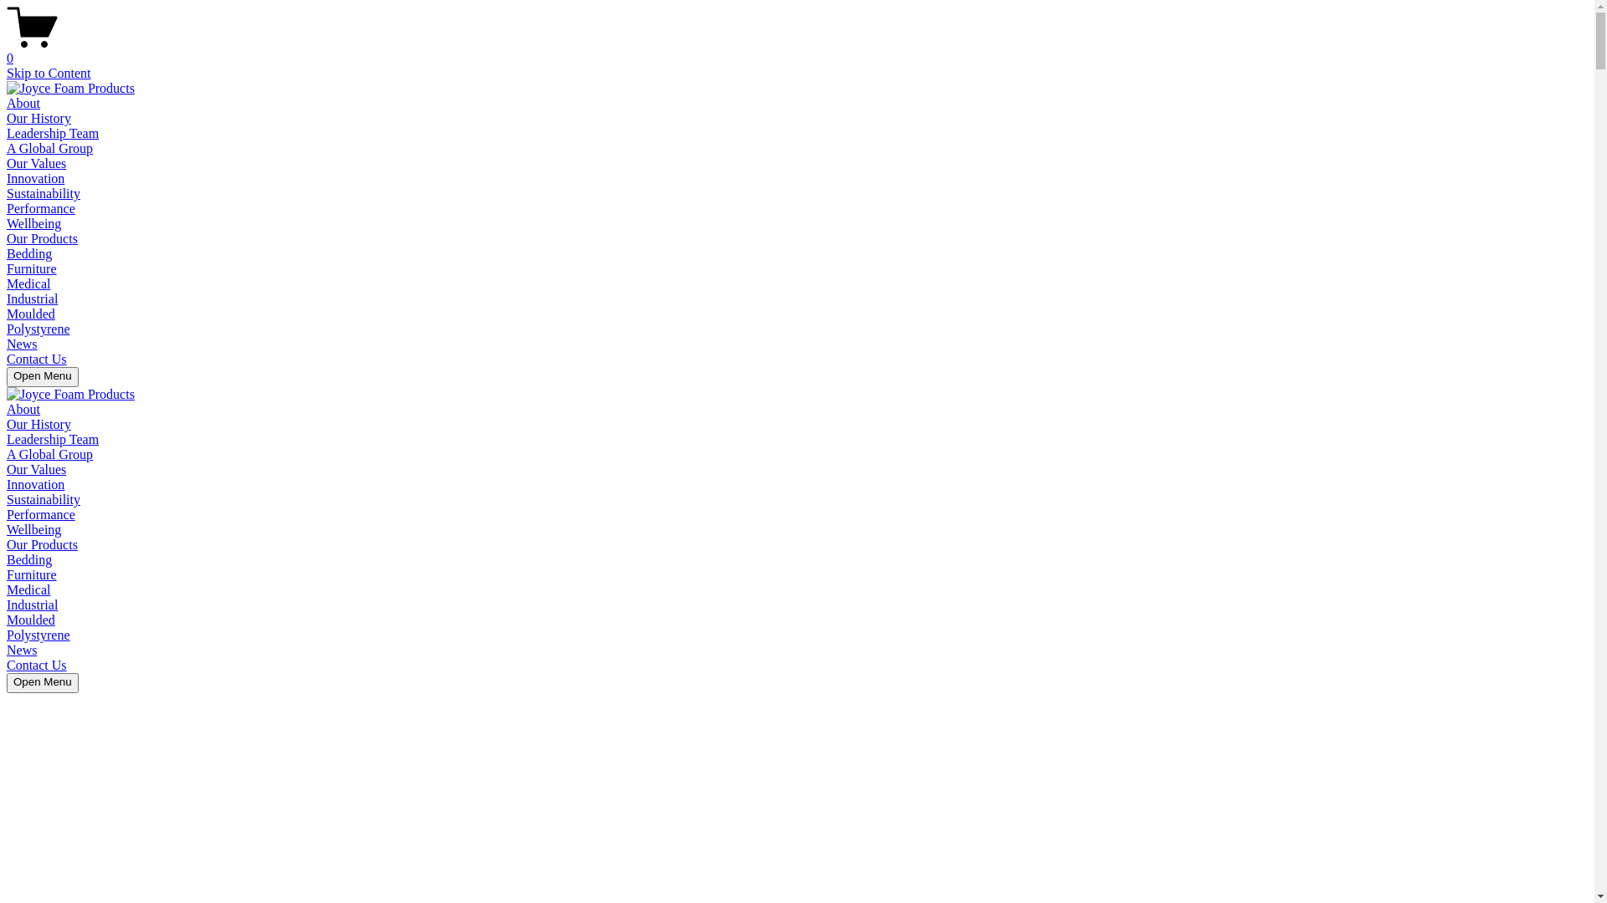 This screenshot has height=903, width=1607. I want to click on '0', so click(7, 50).